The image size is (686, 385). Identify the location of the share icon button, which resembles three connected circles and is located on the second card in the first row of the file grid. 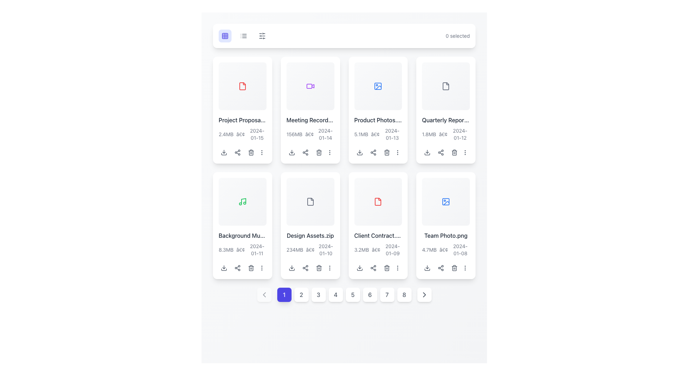
(305, 152).